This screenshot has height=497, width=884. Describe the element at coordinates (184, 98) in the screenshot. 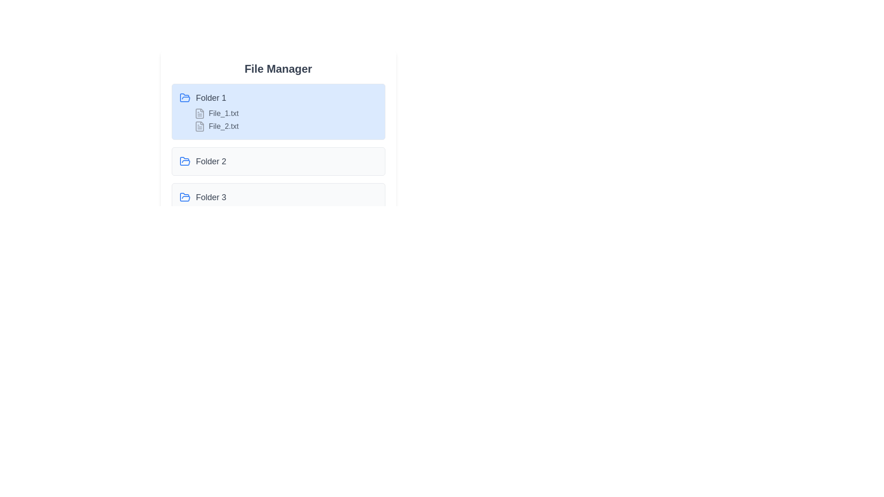

I see `the folder icon labeled 'Folder 1'` at that location.